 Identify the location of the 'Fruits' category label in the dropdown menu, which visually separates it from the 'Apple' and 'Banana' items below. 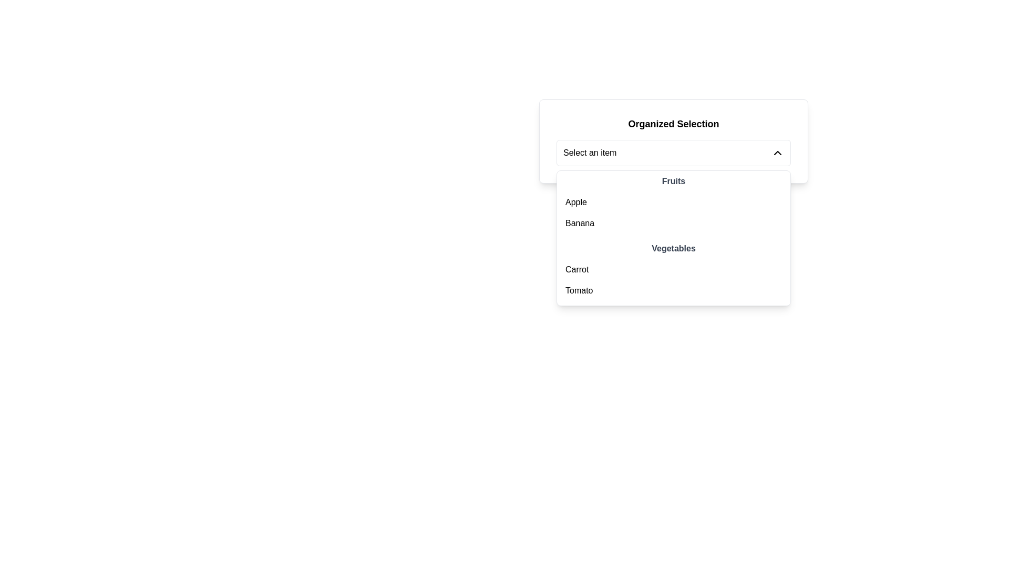
(673, 180).